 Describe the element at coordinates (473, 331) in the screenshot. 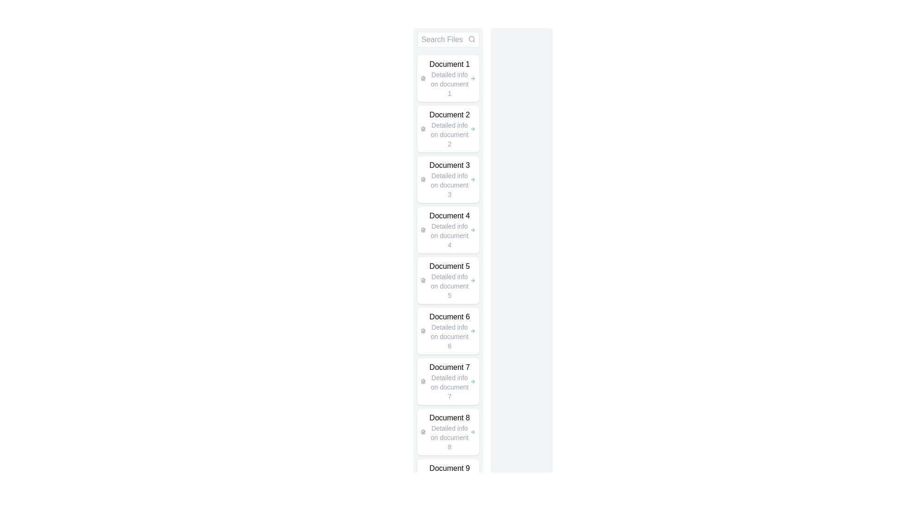

I see `the arrow icon next to 'Detailed info on document 6'` at that location.